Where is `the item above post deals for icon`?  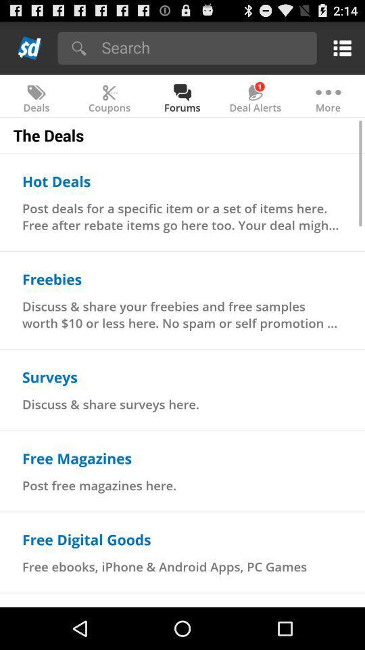 the item above post deals for icon is located at coordinates (55, 180).